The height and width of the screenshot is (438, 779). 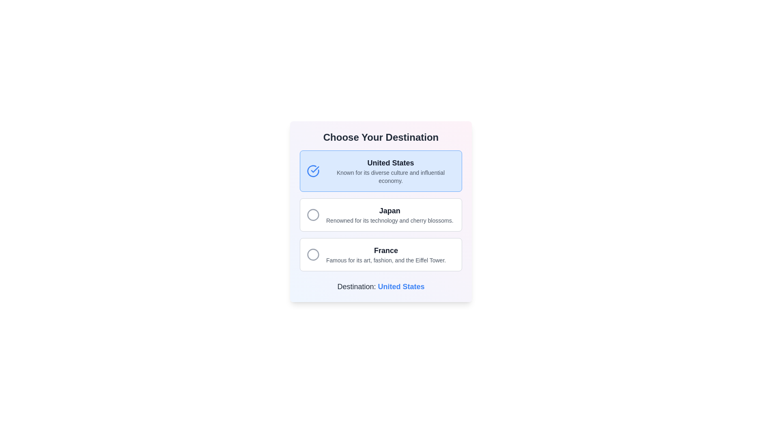 I want to click on the title label for the interactive option about the 'United States', which is the first item in the list under the heading 'Choose Your Destination', so click(x=391, y=163).